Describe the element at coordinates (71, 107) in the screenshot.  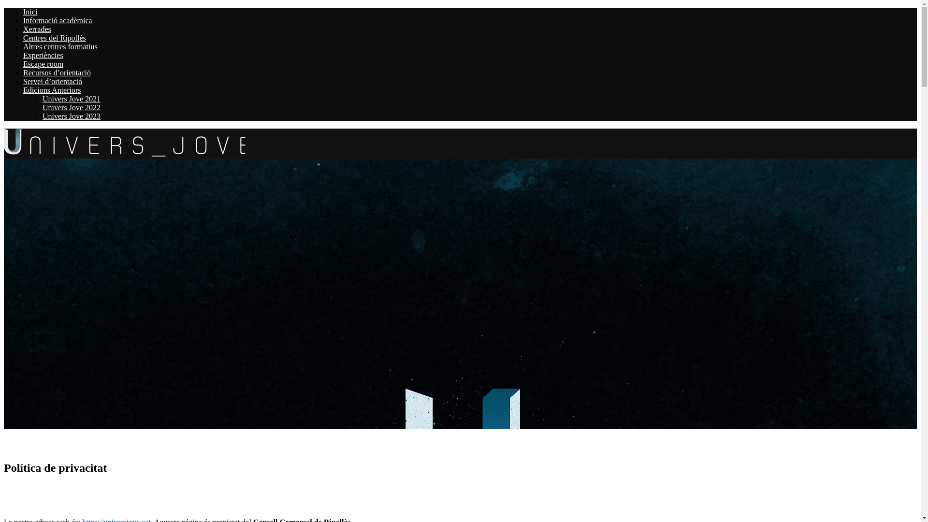
I see `'Univers Jove 2022'` at that location.